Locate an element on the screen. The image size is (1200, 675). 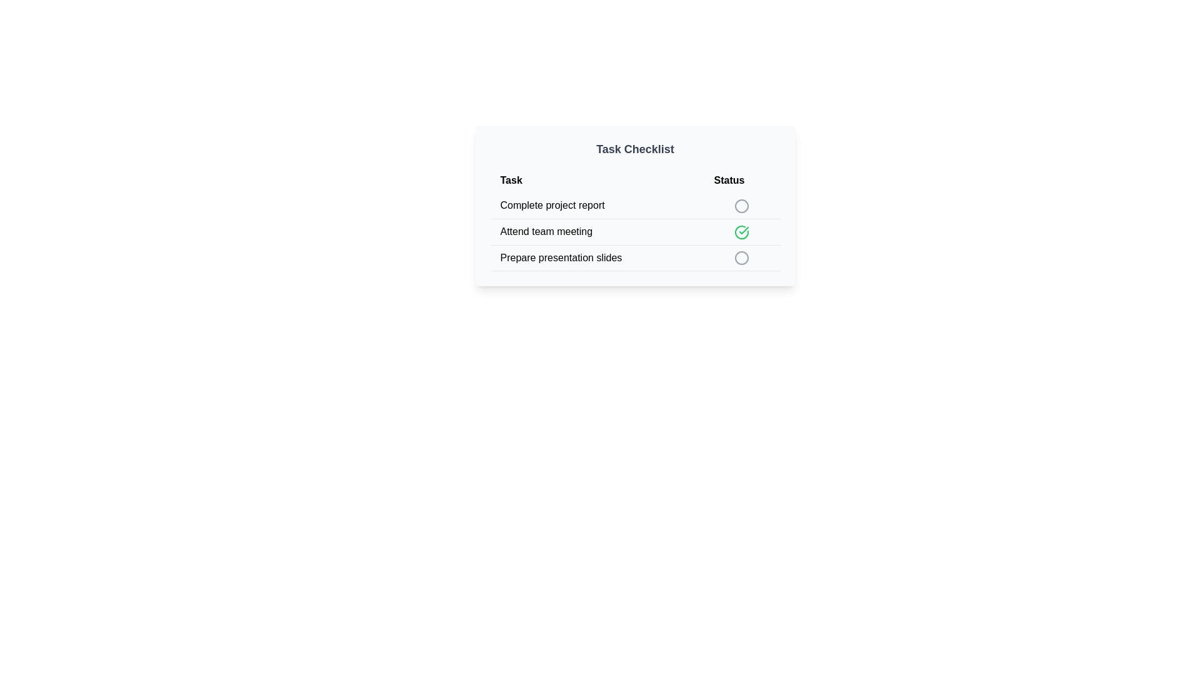
the status marker of the first task item in the checklist to toggle its completion status is located at coordinates (635, 205).